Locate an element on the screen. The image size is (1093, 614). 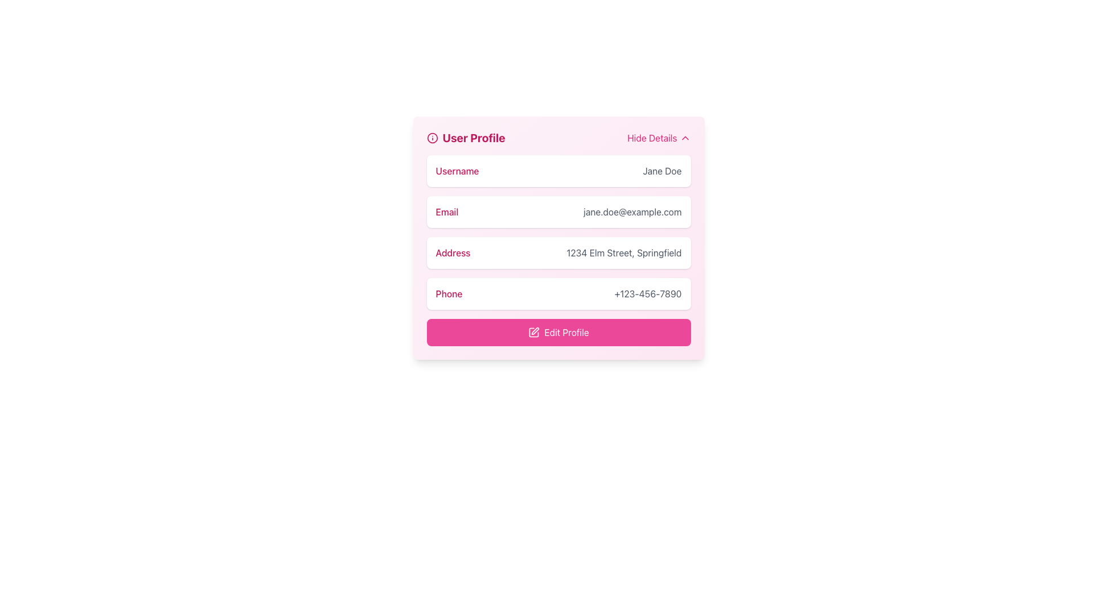
the 'Hide Details' button in the top-right corner of the 'User Profile' header section is located at coordinates (659, 138).